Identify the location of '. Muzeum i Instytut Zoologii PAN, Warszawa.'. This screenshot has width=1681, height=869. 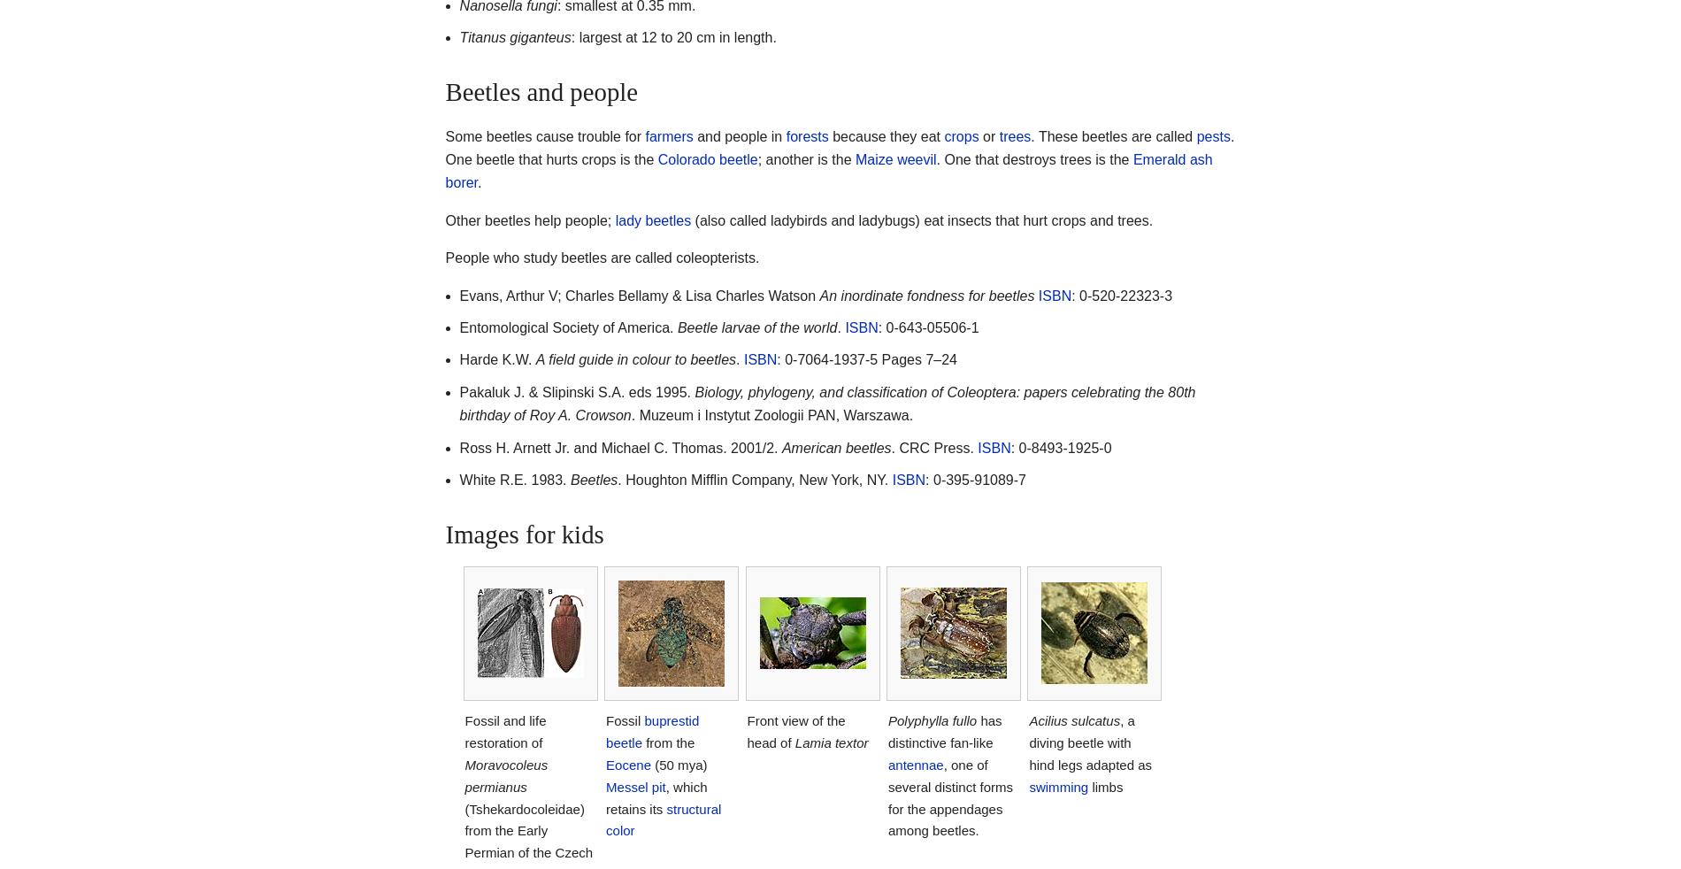
(630, 415).